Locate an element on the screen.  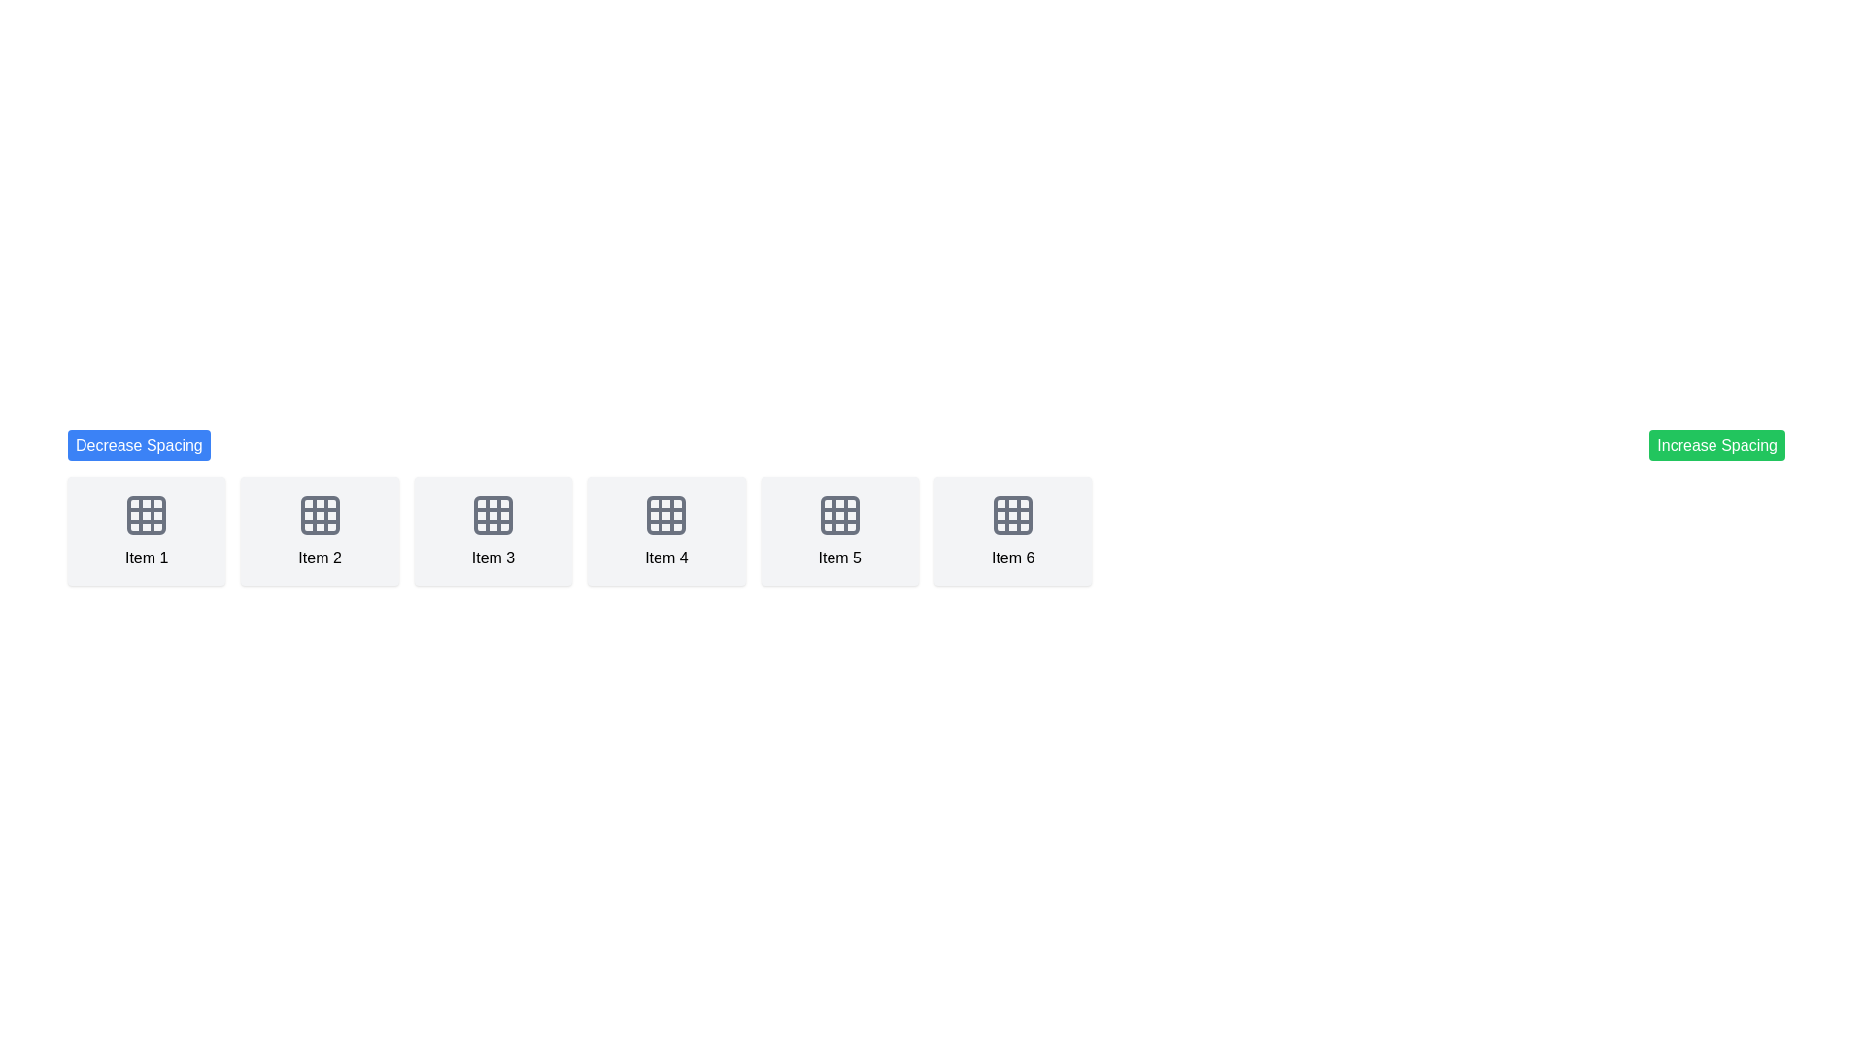
the rectangular button with a blue background and white text reading 'Decrease Spacing' is located at coordinates (138, 446).